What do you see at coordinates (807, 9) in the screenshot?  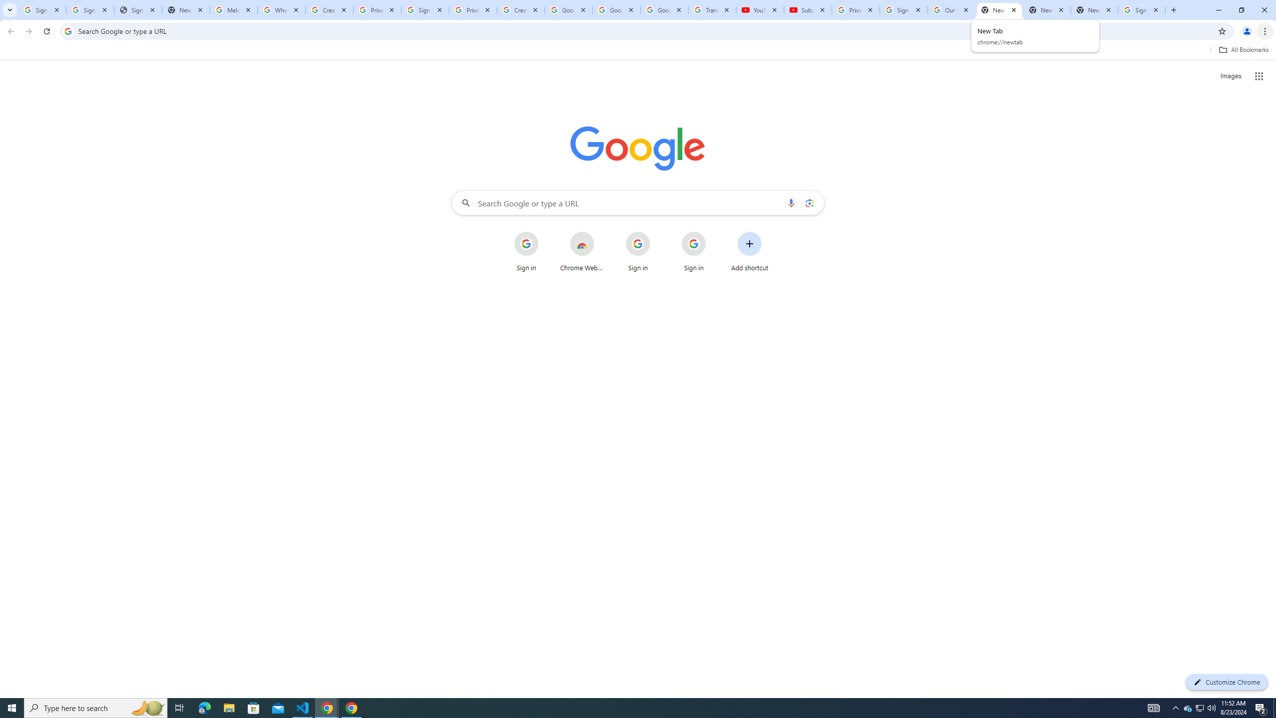 I see `'Subscriptions - YouTube'` at bounding box center [807, 9].